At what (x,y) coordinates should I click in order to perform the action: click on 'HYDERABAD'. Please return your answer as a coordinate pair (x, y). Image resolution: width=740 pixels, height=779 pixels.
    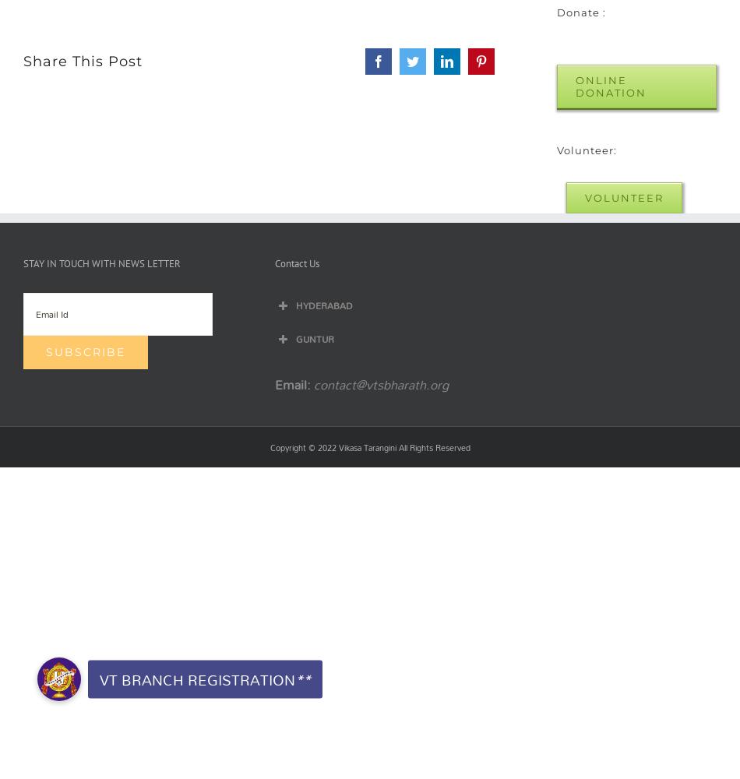
    Looking at the image, I should click on (323, 305).